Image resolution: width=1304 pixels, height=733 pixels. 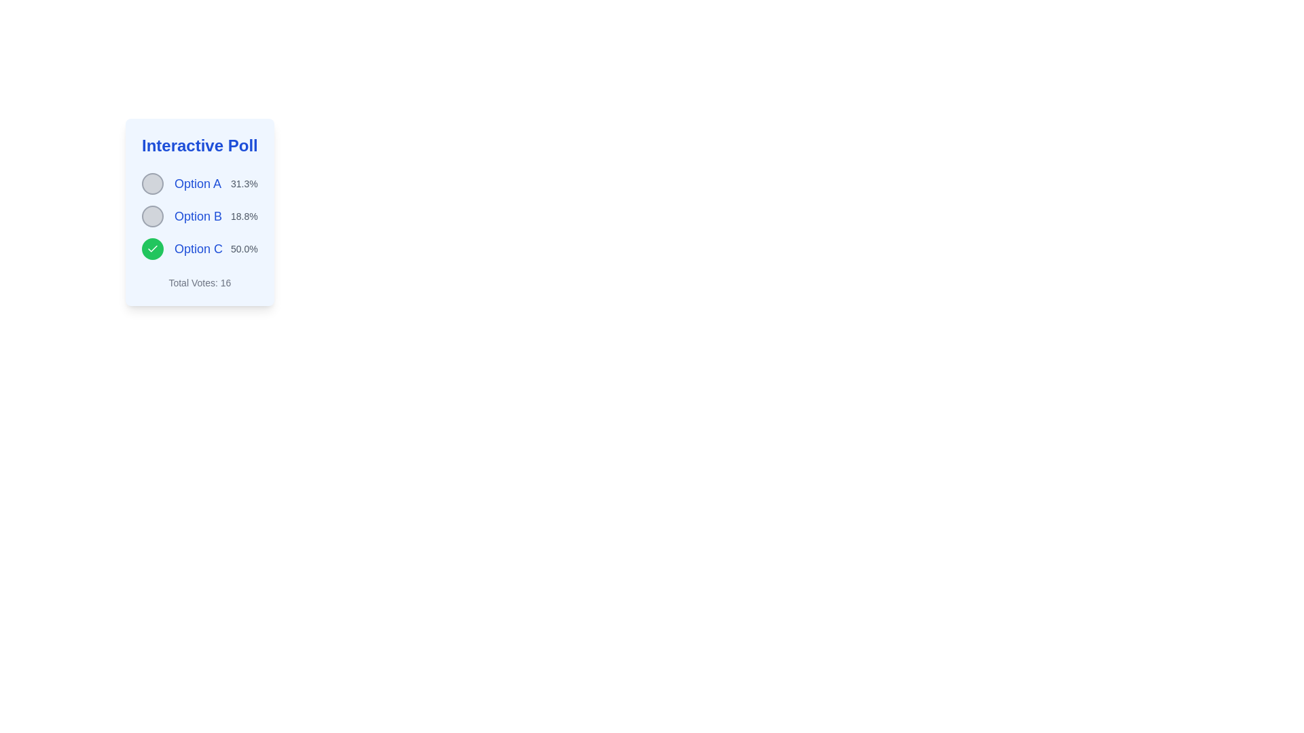 I want to click on the 'Option B' label, which is styled in blue font and located to the right of a gray circular shape in the 'Interactive Poll' component, so click(x=181, y=216).